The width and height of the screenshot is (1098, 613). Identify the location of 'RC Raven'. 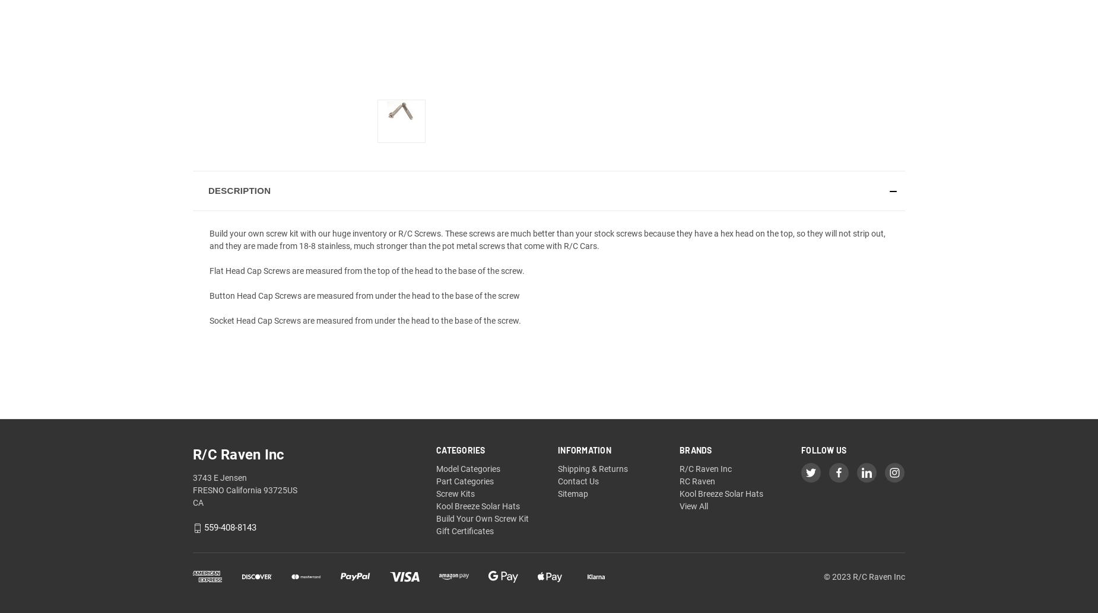
(696, 481).